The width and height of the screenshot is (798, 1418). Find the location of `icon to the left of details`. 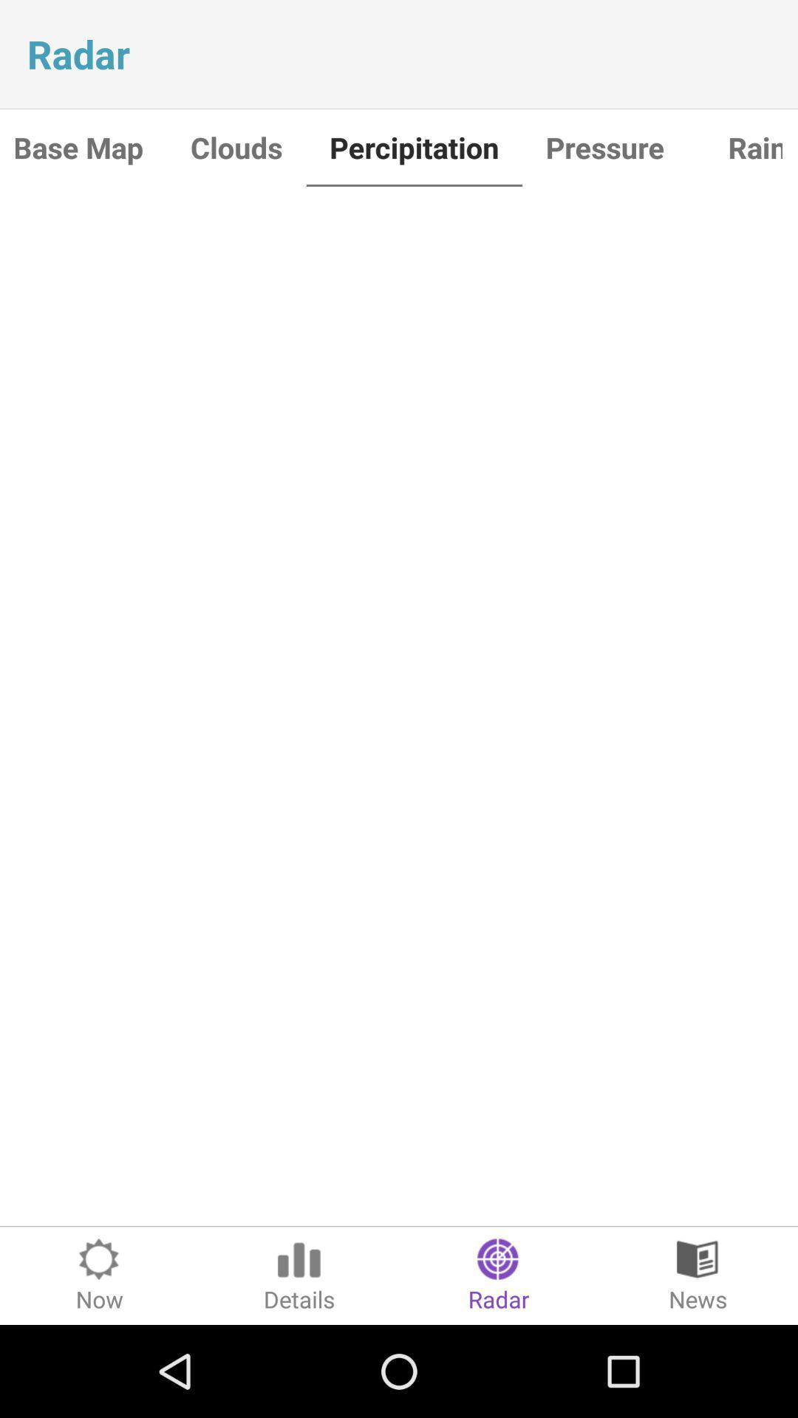

icon to the left of details is located at coordinates (100, 1275).